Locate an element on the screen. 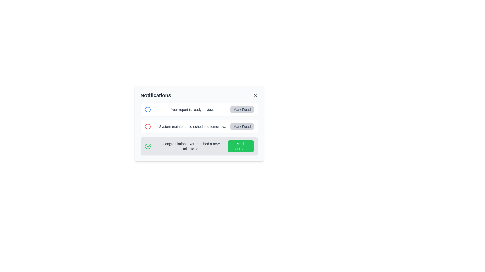 This screenshot has width=485, height=272. the circular part of the red alert icon that signifies an alert or warning message in the notification interface, located to the left of the text message 'System maintenance scheduled tomorrow' is located at coordinates (147, 126).